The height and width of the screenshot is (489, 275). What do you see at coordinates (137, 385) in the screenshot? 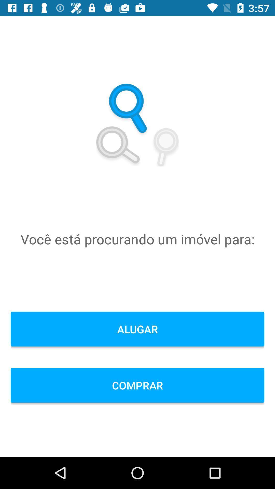
I see `the icon below the alugar` at bounding box center [137, 385].